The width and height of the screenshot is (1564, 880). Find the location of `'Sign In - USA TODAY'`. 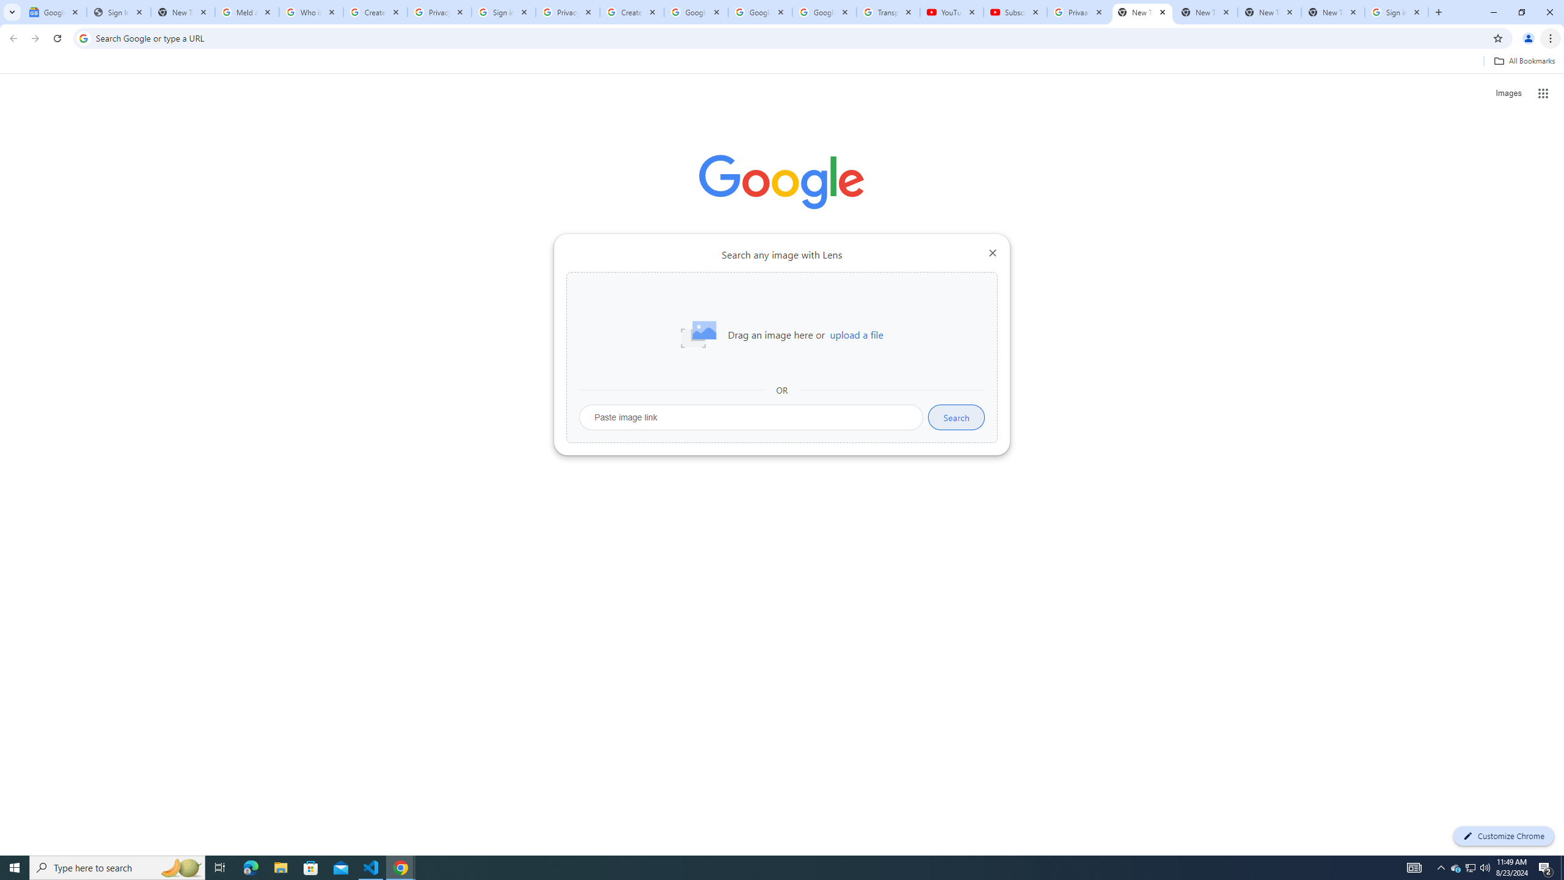

'Sign In - USA TODAY' is located at coordinates (118, 12).